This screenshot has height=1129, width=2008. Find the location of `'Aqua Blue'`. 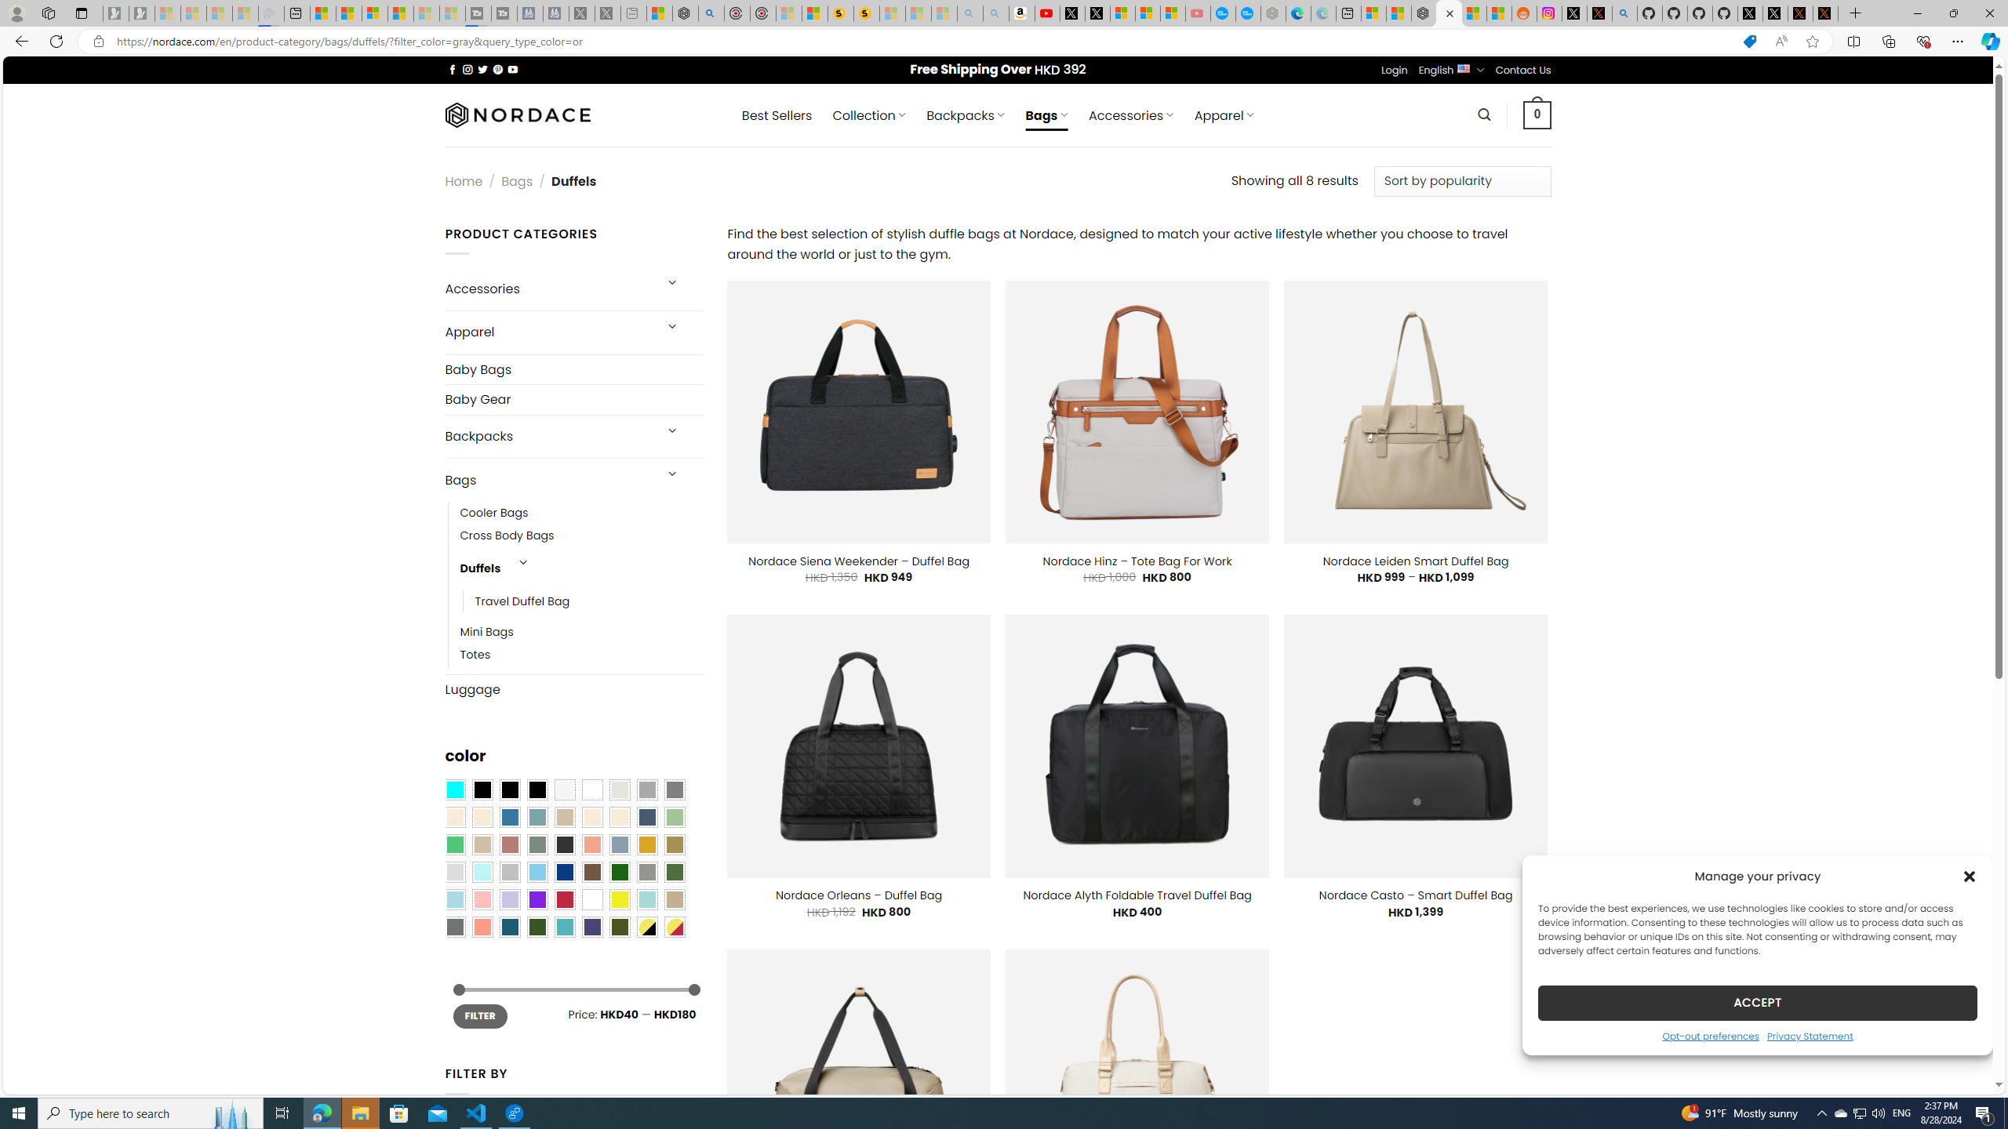

'Aqua Blue' is located at coordinates (453, 790).